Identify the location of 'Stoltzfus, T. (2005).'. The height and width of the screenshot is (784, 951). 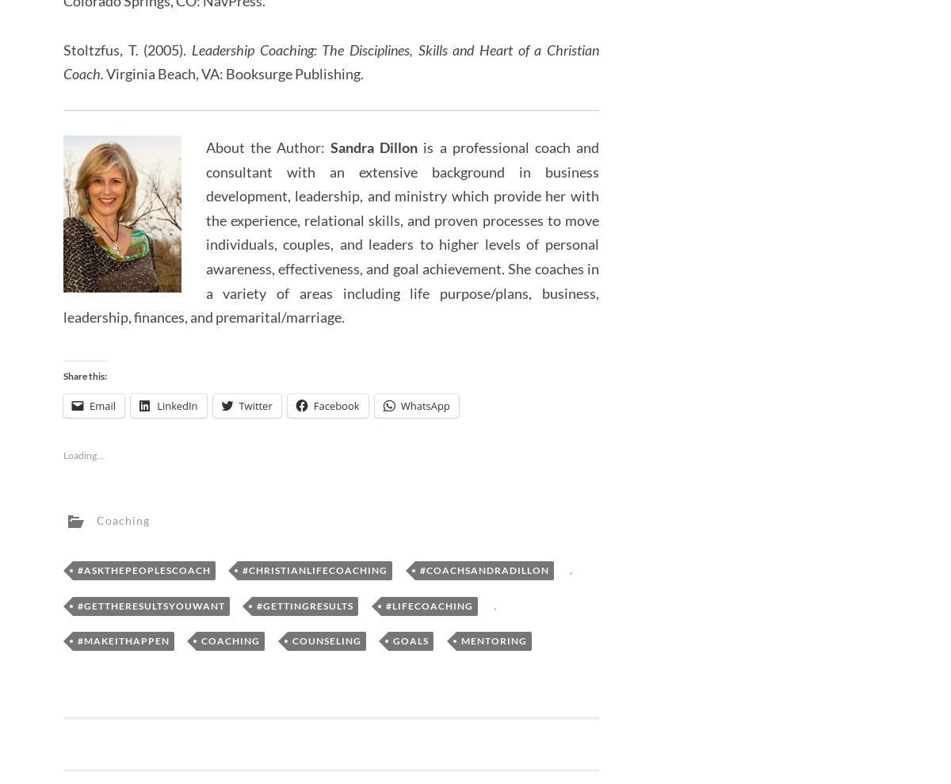
(63, 49).